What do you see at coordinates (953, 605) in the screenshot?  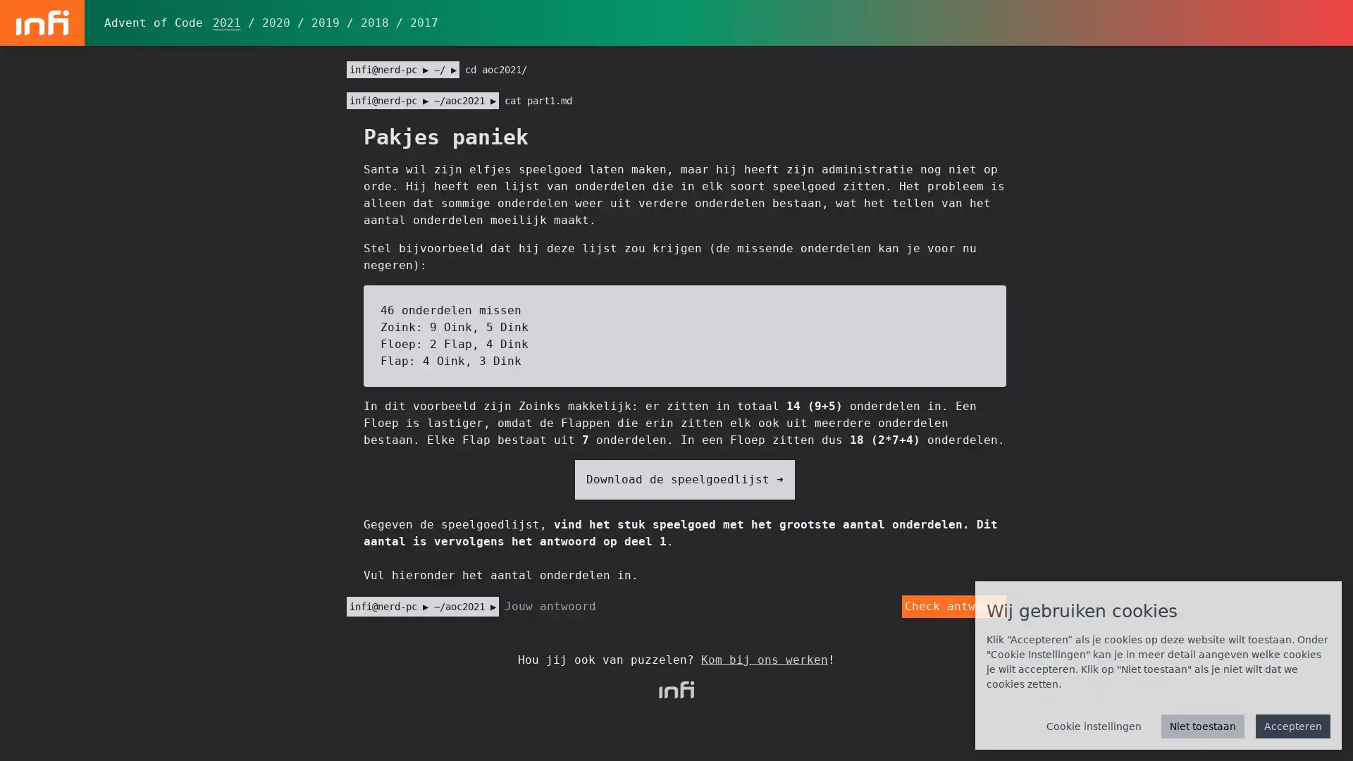 I see `Check antwoord` at bounding box center [953, 605].